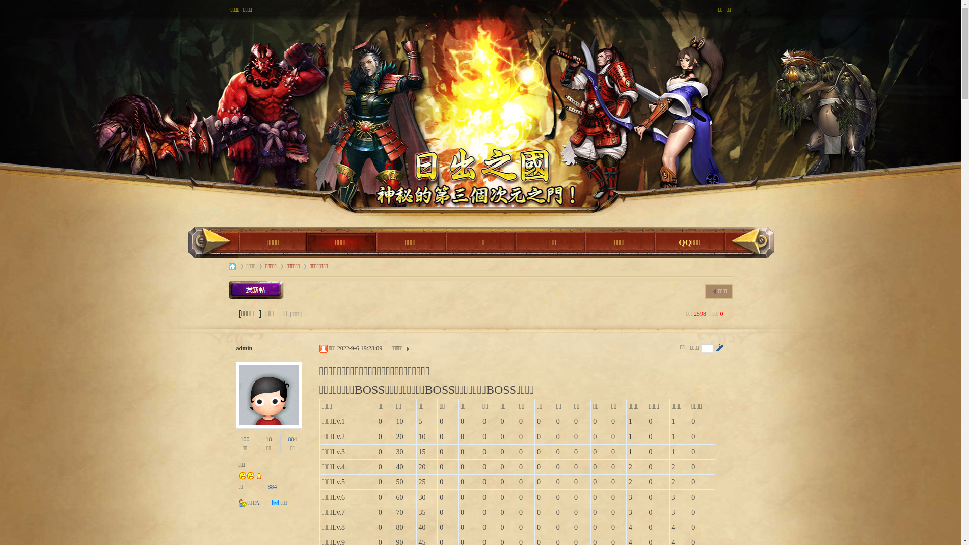 This screenshot has width=969, height=545. Describe the element at coordinates (292, 439) in the screenshot. I see `'884'` at that location.